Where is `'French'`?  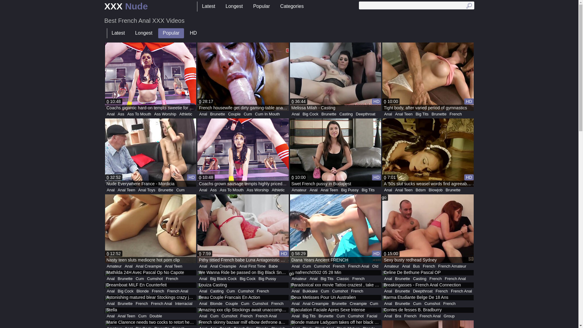 'French' is located at coordinates (150, 291).